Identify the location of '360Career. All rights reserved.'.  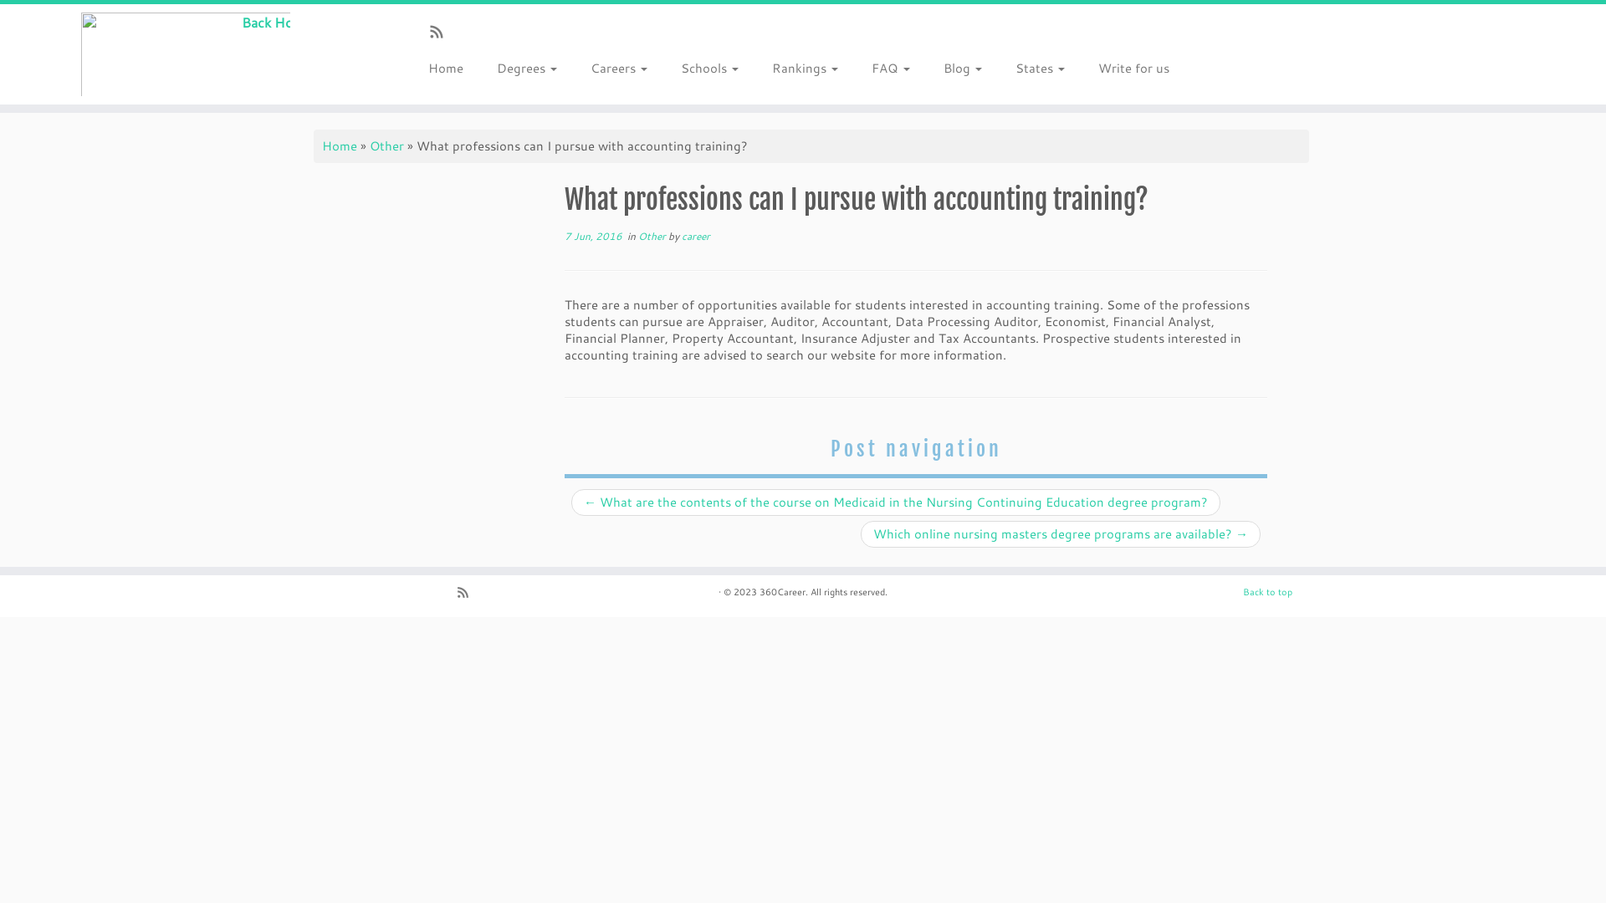
(823, 591).